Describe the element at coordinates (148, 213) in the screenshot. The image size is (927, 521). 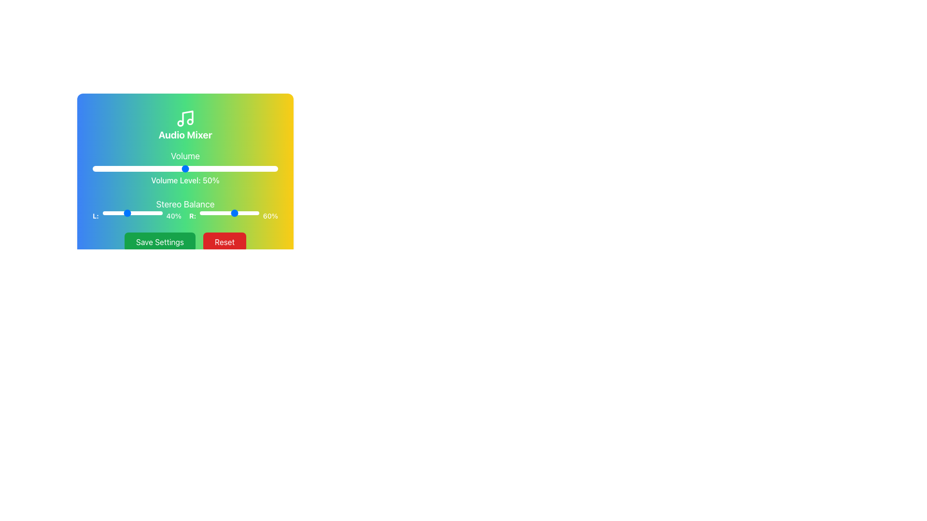
I see `the slider` at that location.